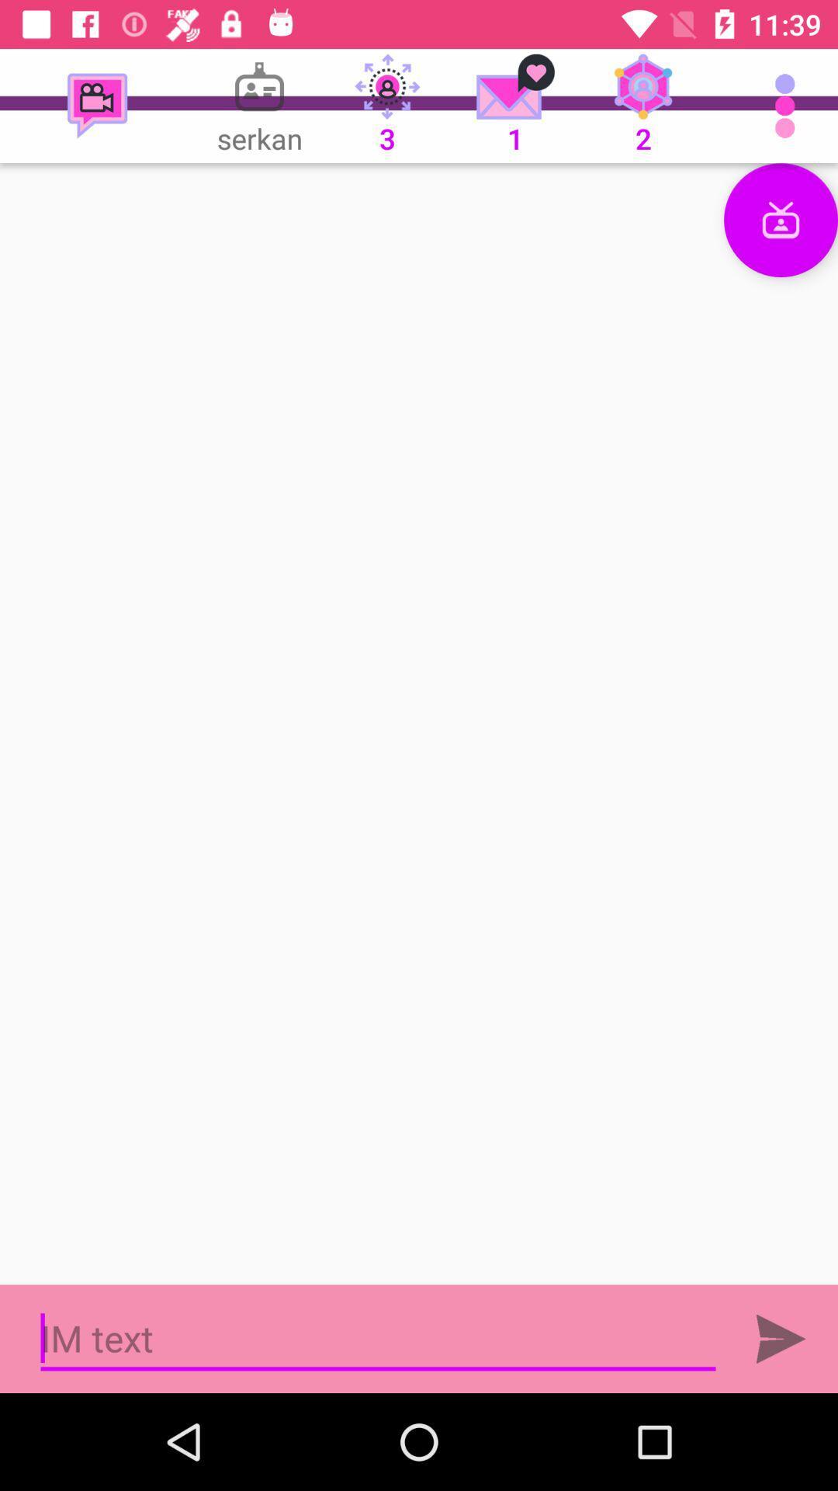  I want to click on the gift icon, so click(781, 219).